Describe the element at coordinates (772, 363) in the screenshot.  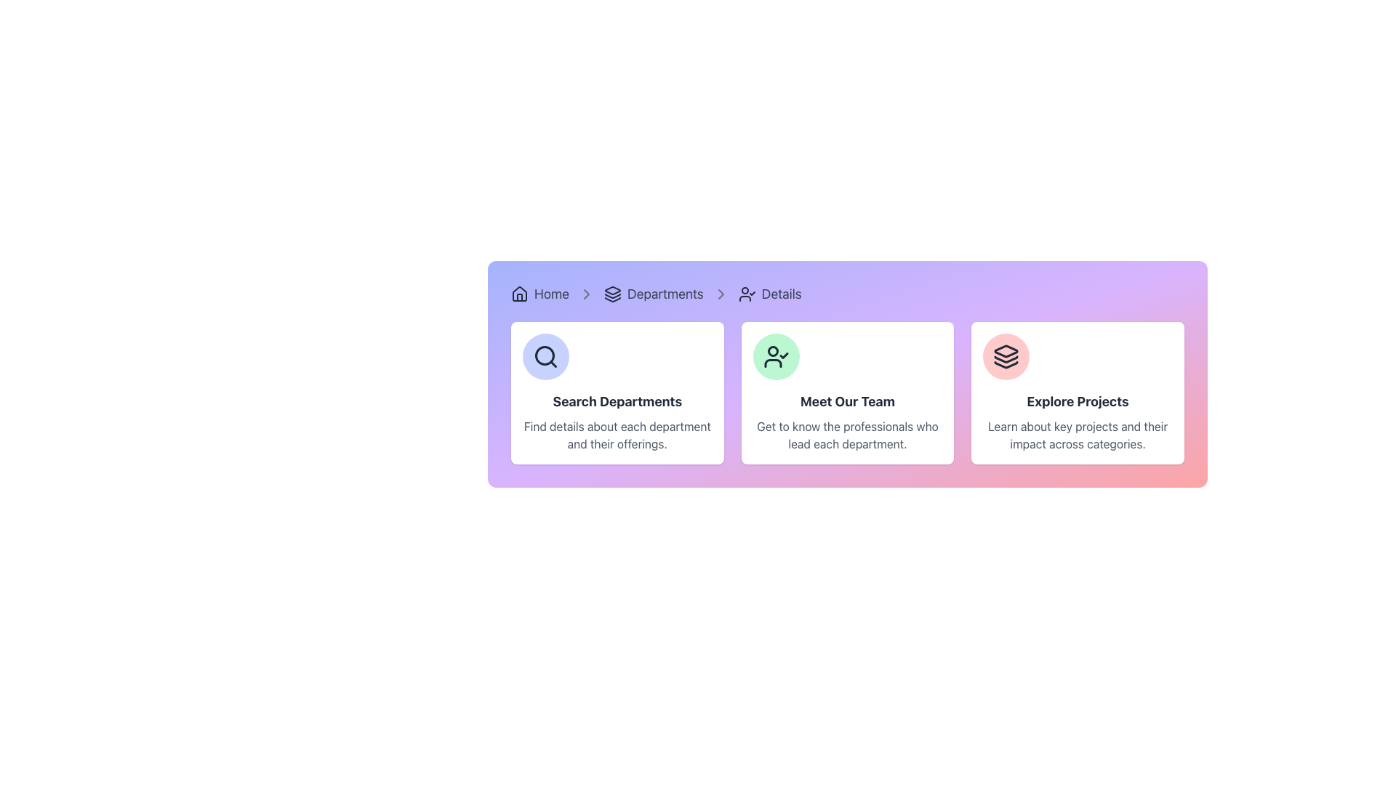
I see `the bottom section of the SVG icon representing a compact bowl or dome within the 'Meet Our Team' card` at that location.